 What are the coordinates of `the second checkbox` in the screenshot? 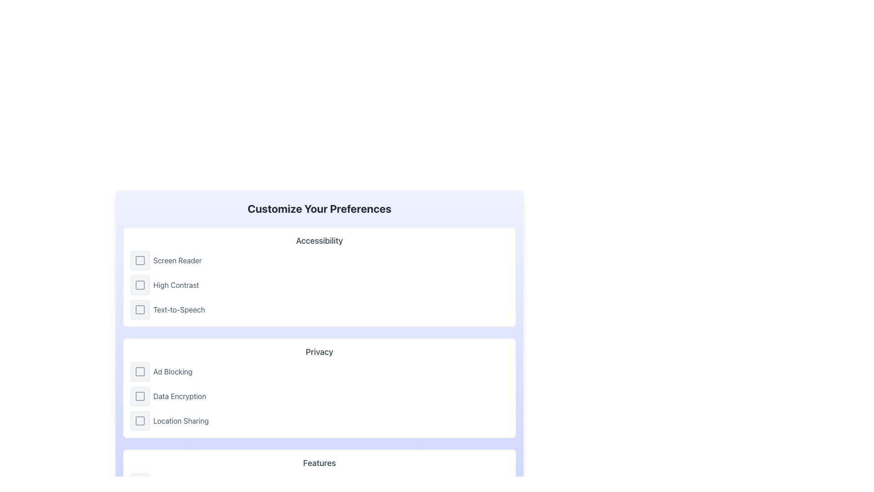 It's located at (139, 284).